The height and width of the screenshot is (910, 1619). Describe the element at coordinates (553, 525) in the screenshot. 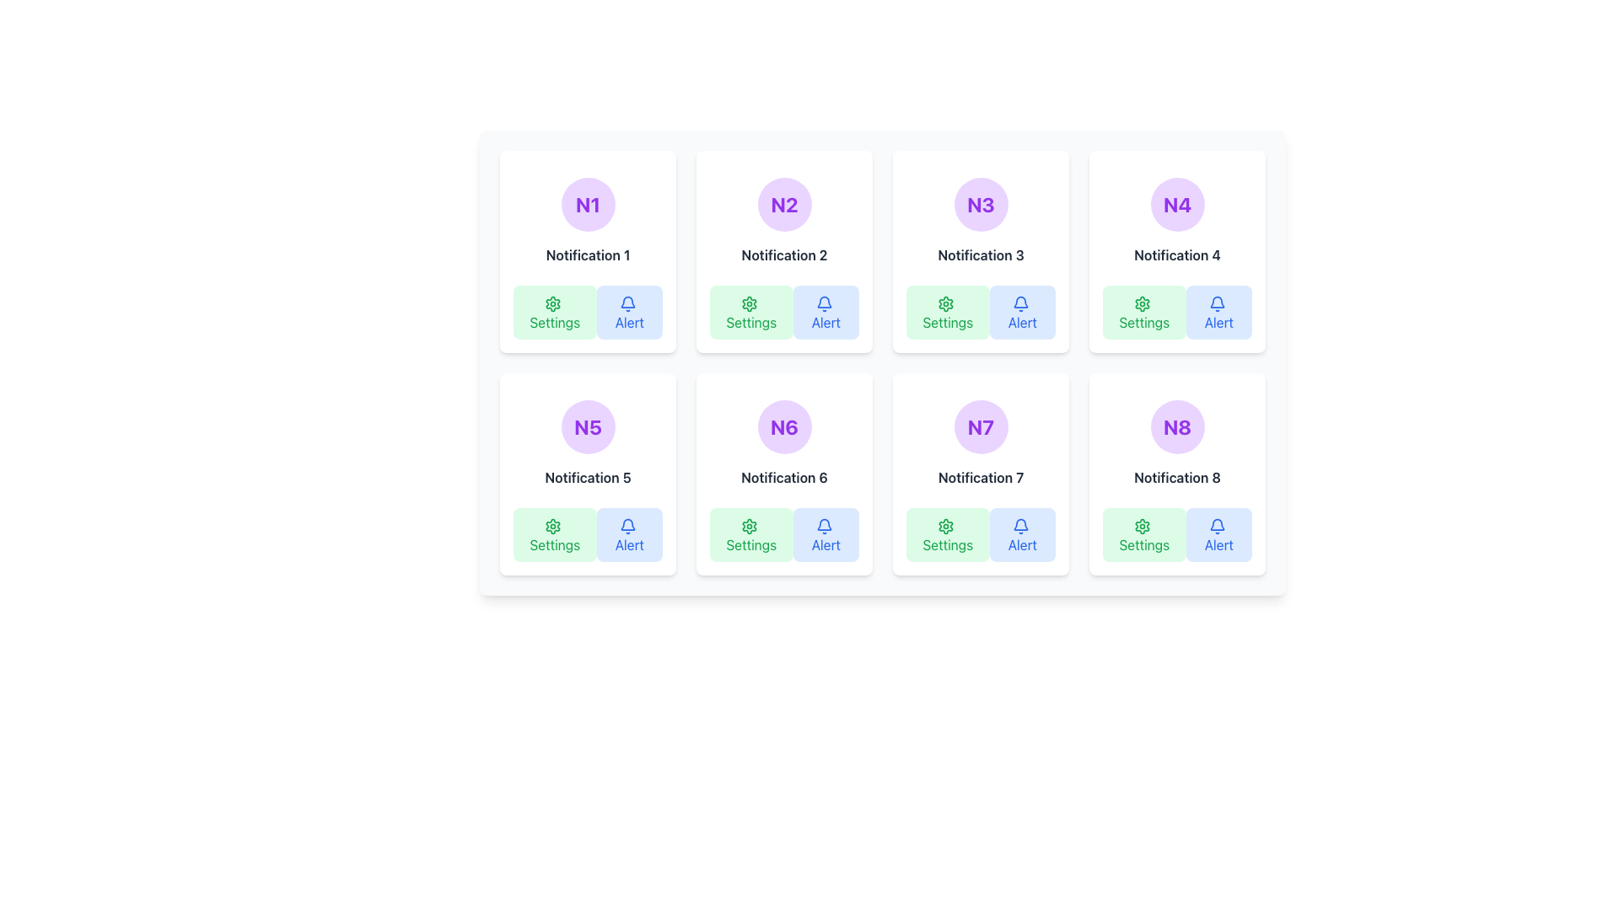

I see `the gear-like icon within the 'Settings' button of the 'Notification 5' widget` at that location.